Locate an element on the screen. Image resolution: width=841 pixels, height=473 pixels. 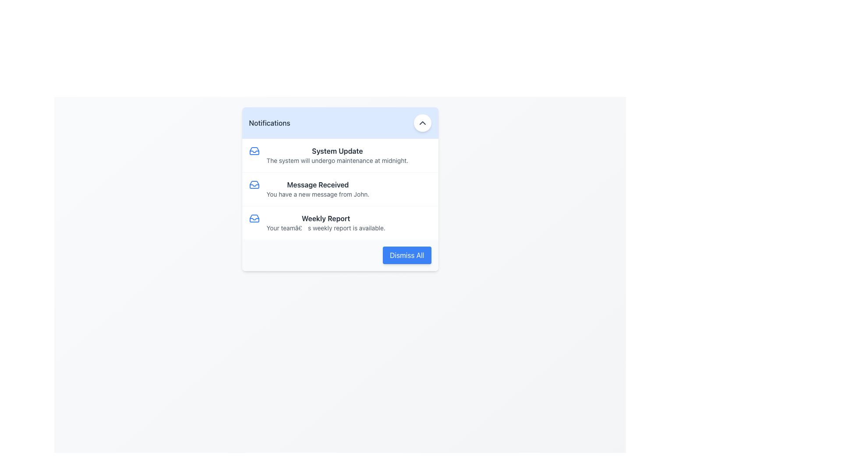
the Notification management section which has a light gray background and contains a blue 'Dismiss All' button on the right side is located at coordinates (339, 255).